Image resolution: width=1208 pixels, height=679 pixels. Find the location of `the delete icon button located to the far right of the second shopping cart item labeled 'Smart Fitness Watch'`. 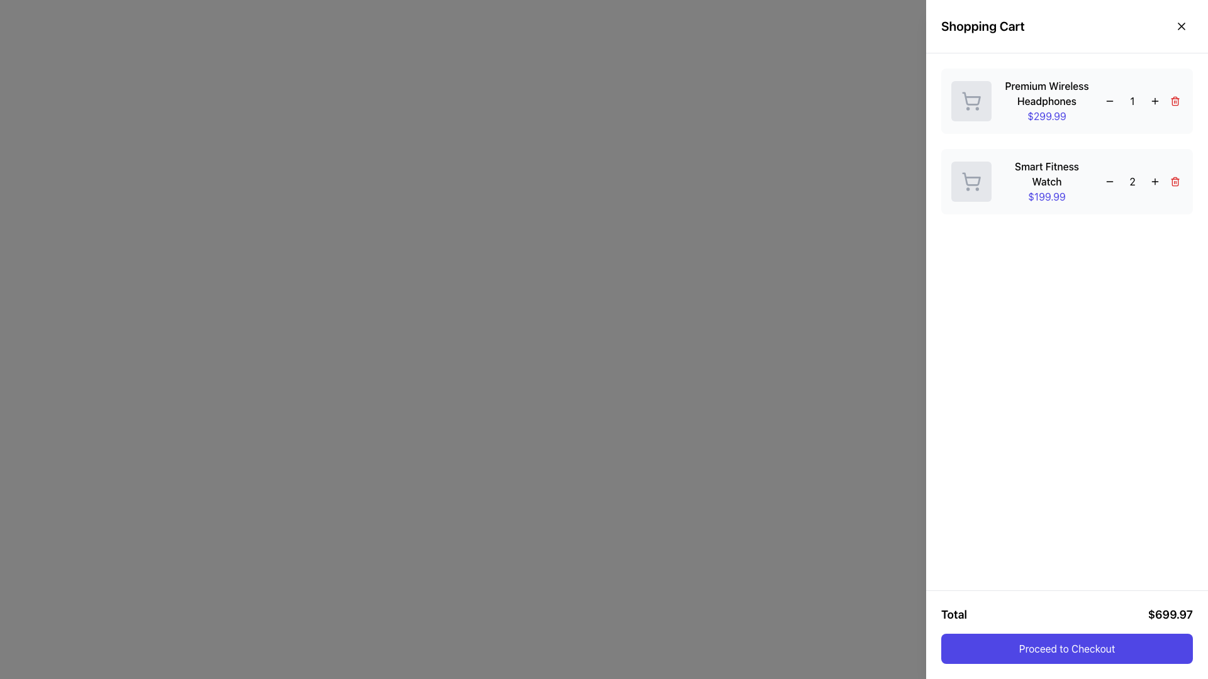

the delete icon button located to the far right of the second shopping cart item labeled 'Smart Fitness Watch' is located at coordinates (1174, 182).